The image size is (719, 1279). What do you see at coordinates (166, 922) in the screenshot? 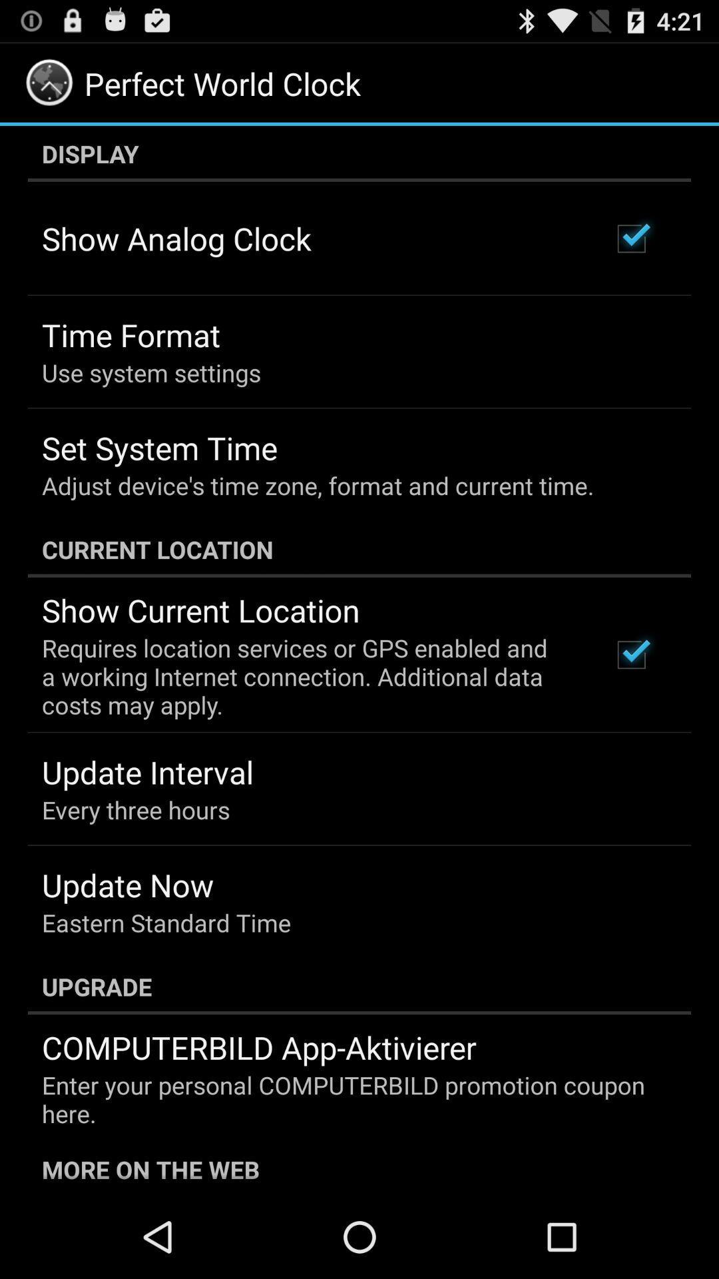
I see `the eastern standard time` at bounding box center [166, 922].